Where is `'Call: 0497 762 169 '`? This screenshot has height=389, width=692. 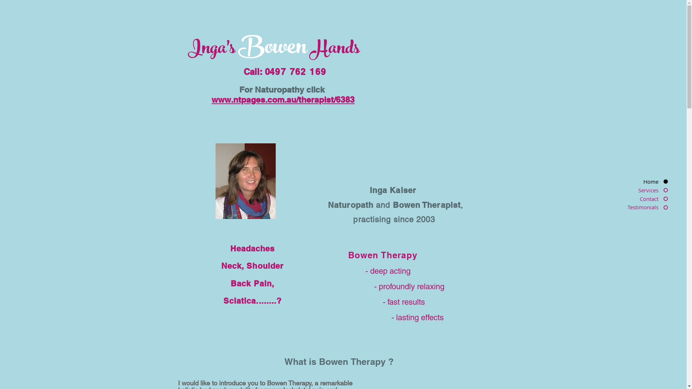
'Call: 0497 762 169 ' is located at coordinates (285, 72).